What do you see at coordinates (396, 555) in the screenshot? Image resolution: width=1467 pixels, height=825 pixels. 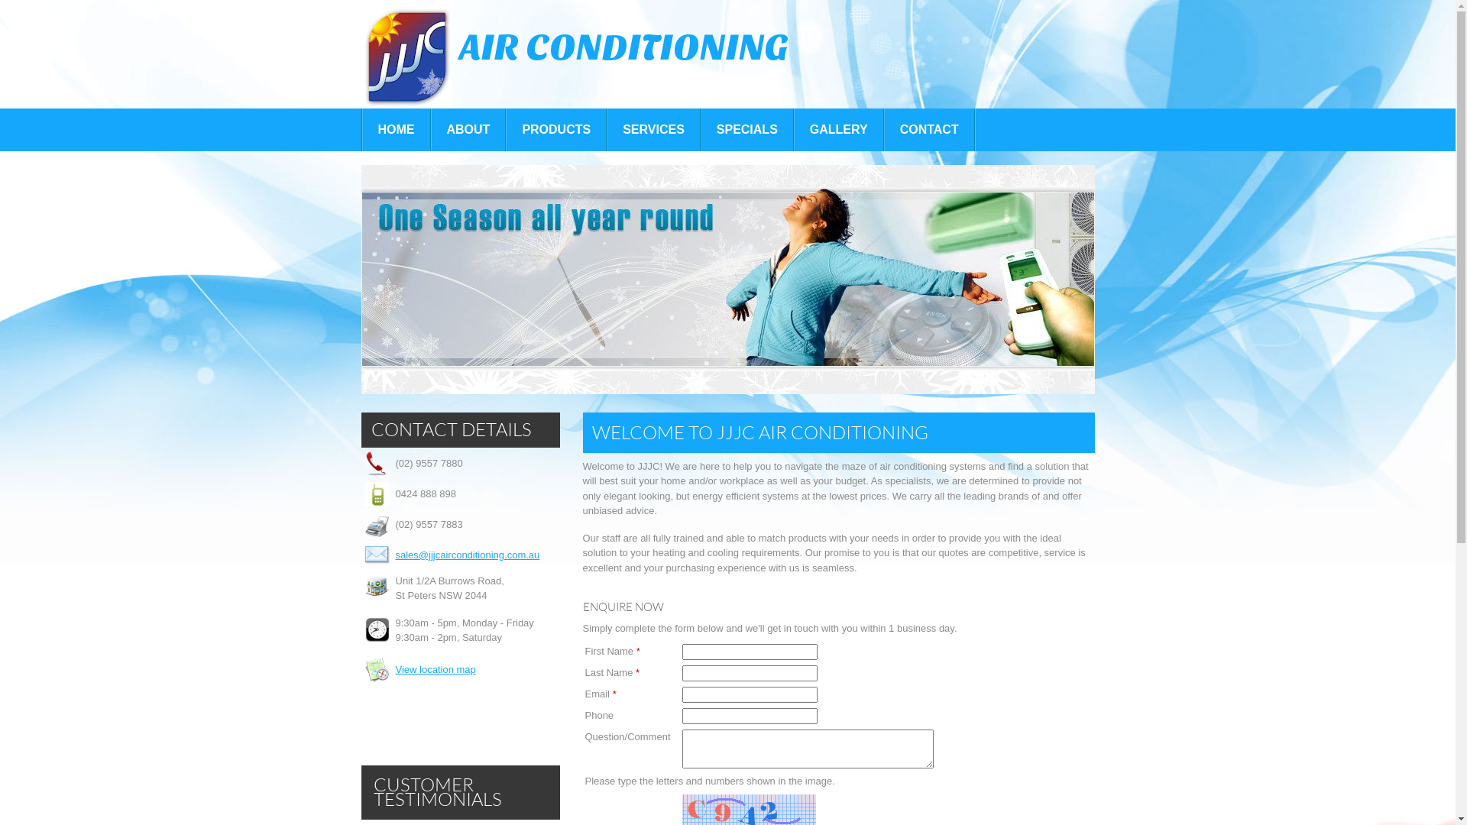 I see `'sales@jjjcairconditioning.com.au'` at bounding box center [396, 555].